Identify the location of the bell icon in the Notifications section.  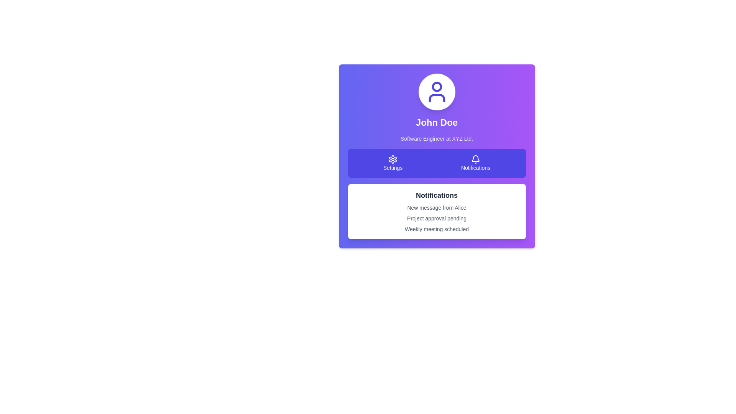
(475, 159).